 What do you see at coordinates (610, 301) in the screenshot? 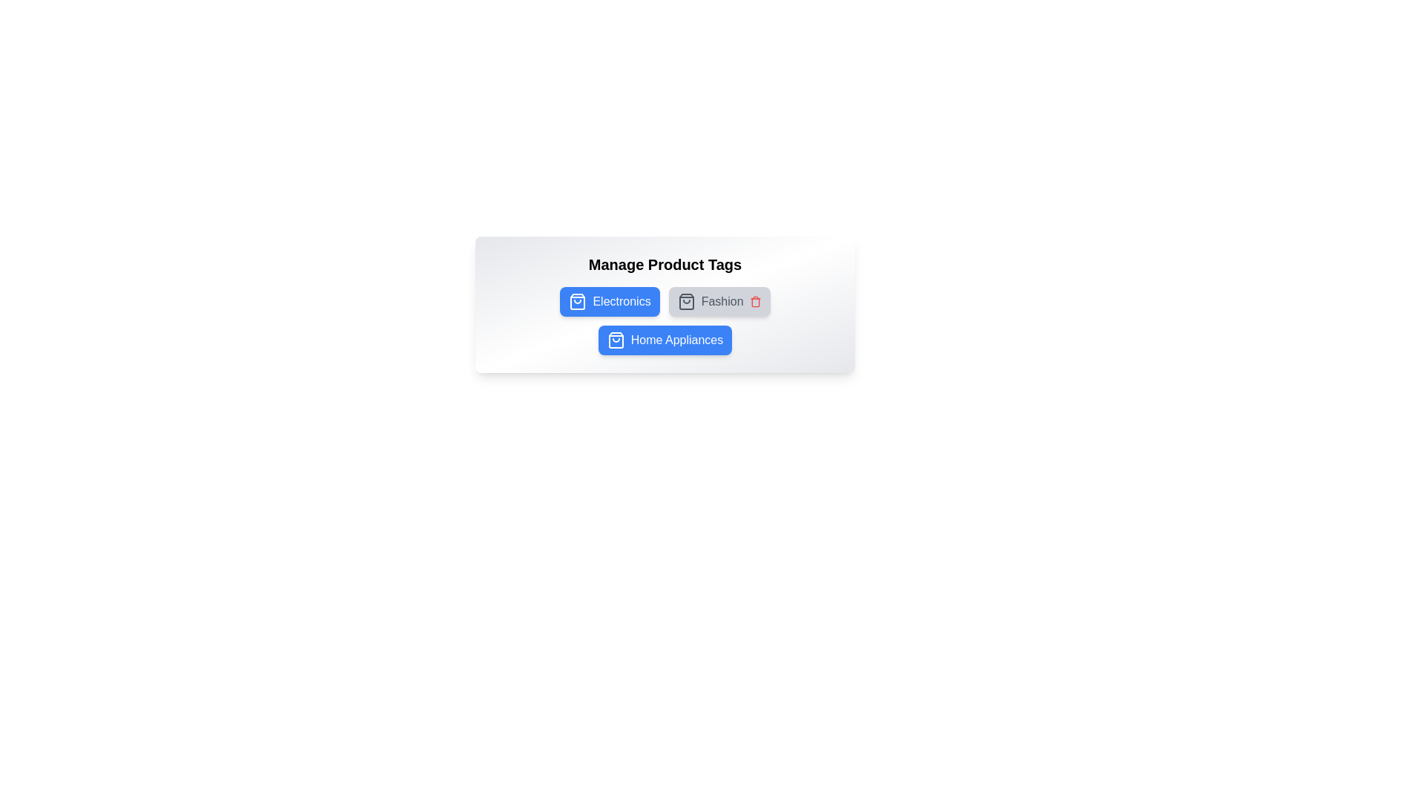
I see `the tag Electronics` at bounding box center [610, 301].